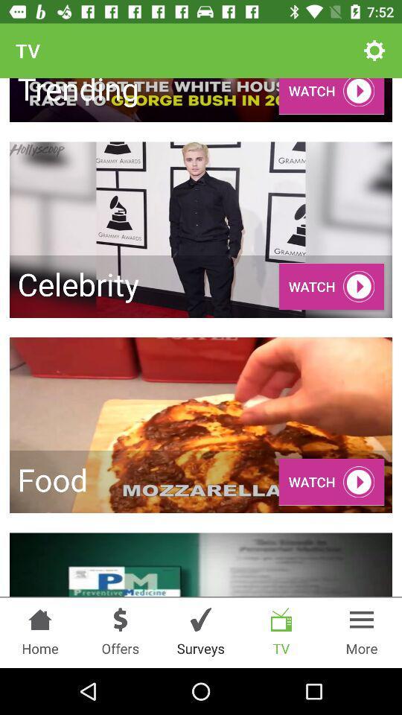 This screenshot has height=715, width=402. What do you see at coordinates (120, 620) in the screenshot?
I see `the offers icon` at bounding box center [120, 620].